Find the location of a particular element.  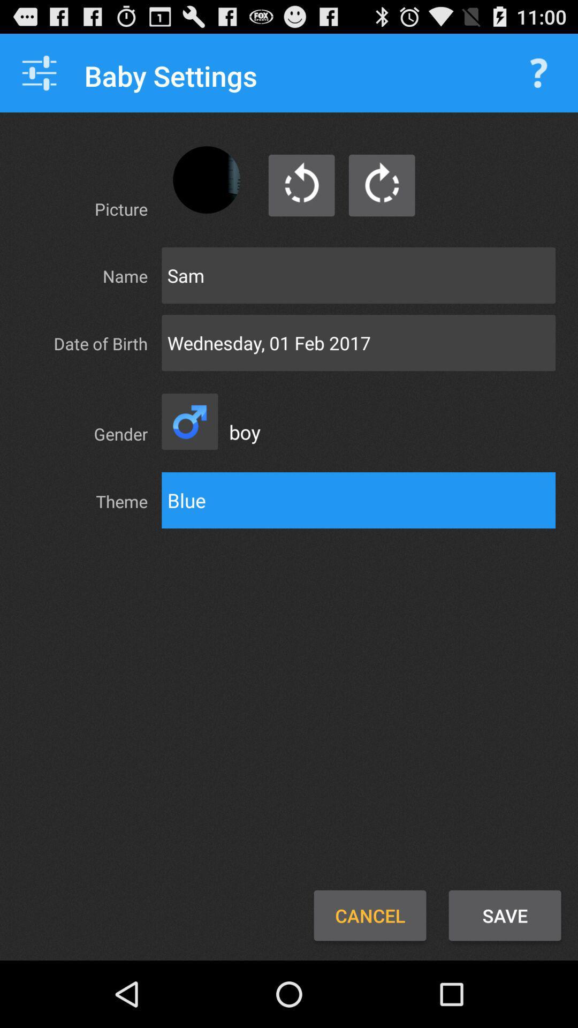

last picture is located at coordinates (301, 185).